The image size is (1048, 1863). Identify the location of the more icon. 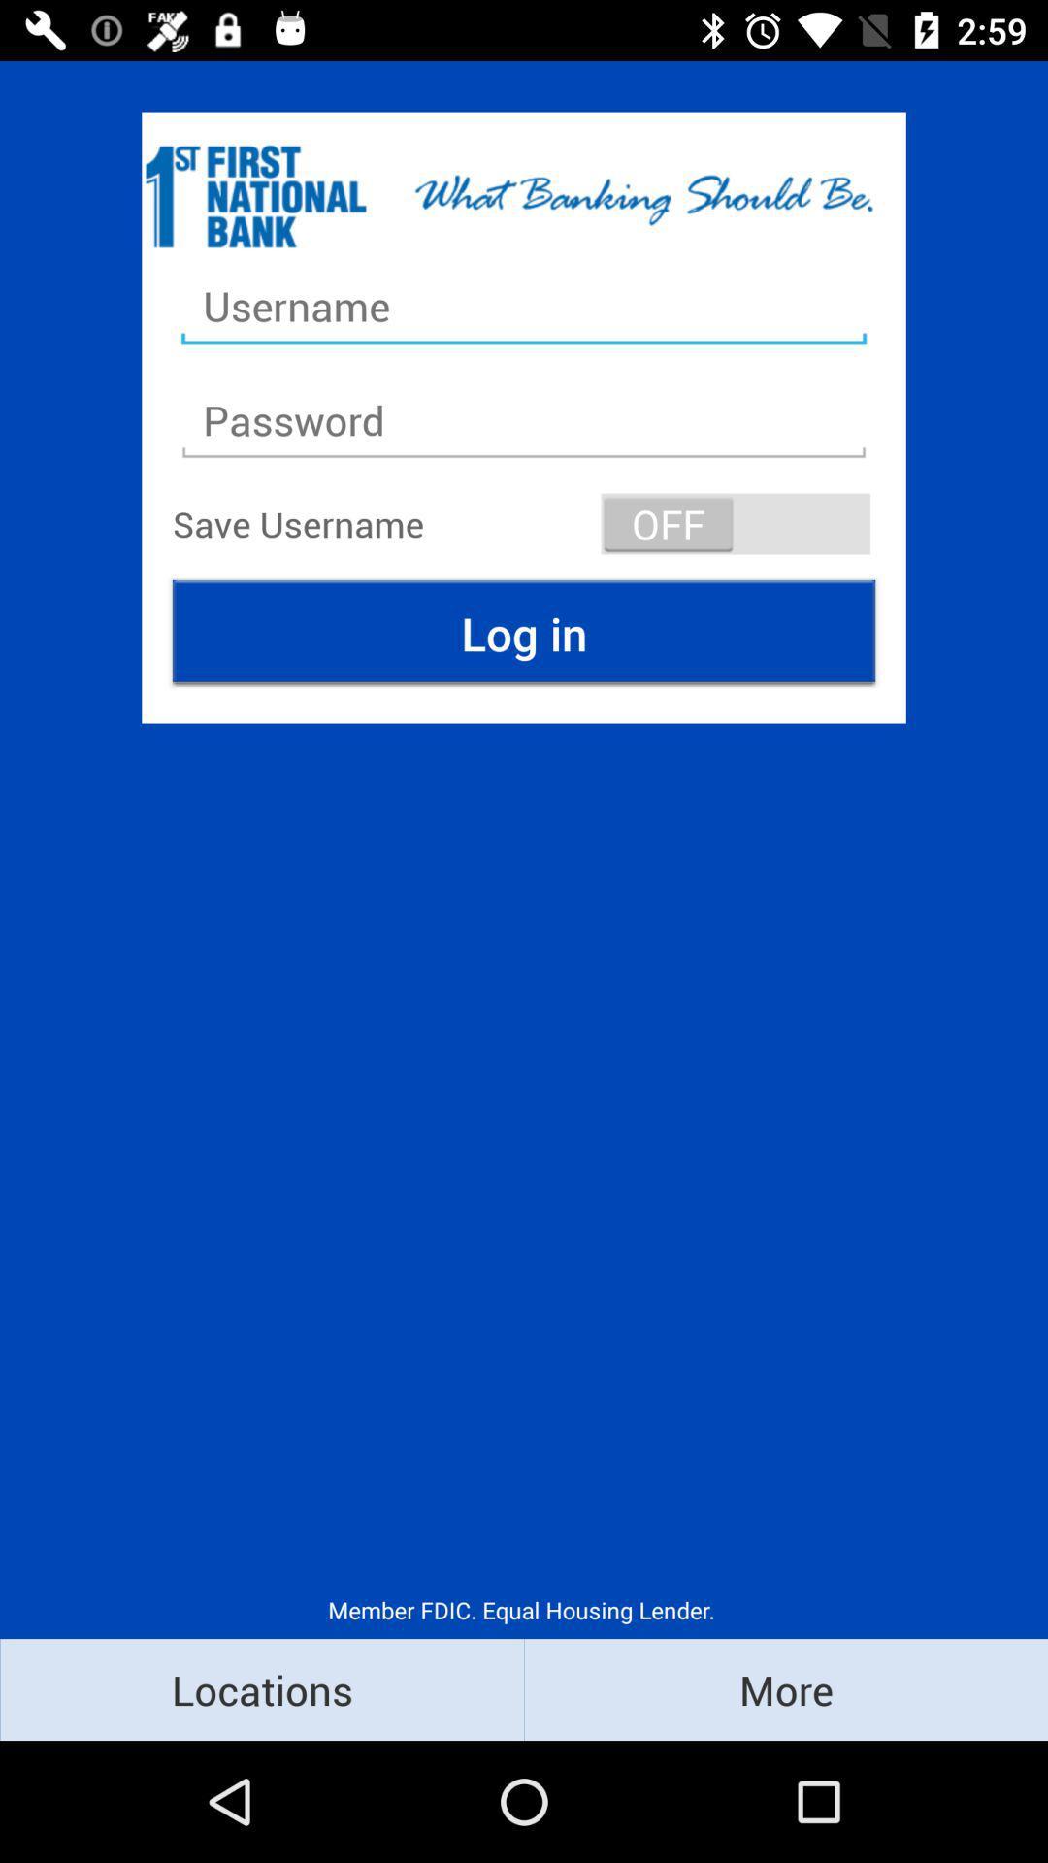
(786, 1688).